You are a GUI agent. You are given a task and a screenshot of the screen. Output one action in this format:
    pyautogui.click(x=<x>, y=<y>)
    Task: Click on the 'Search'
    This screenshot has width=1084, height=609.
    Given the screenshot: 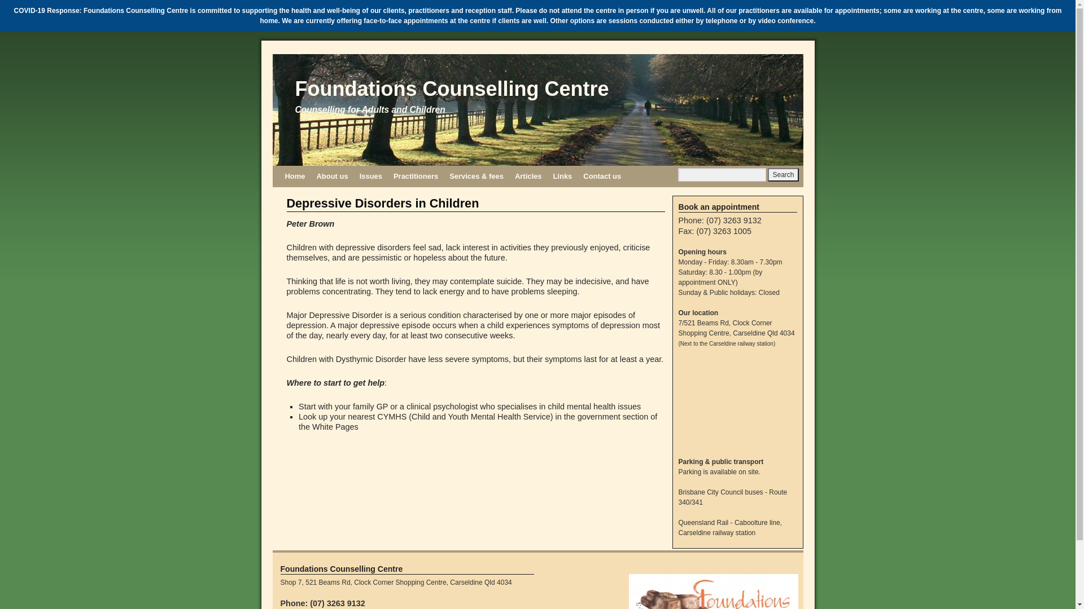 What is the action you would take?
    pyautogui.click(x=783, y=174)
    